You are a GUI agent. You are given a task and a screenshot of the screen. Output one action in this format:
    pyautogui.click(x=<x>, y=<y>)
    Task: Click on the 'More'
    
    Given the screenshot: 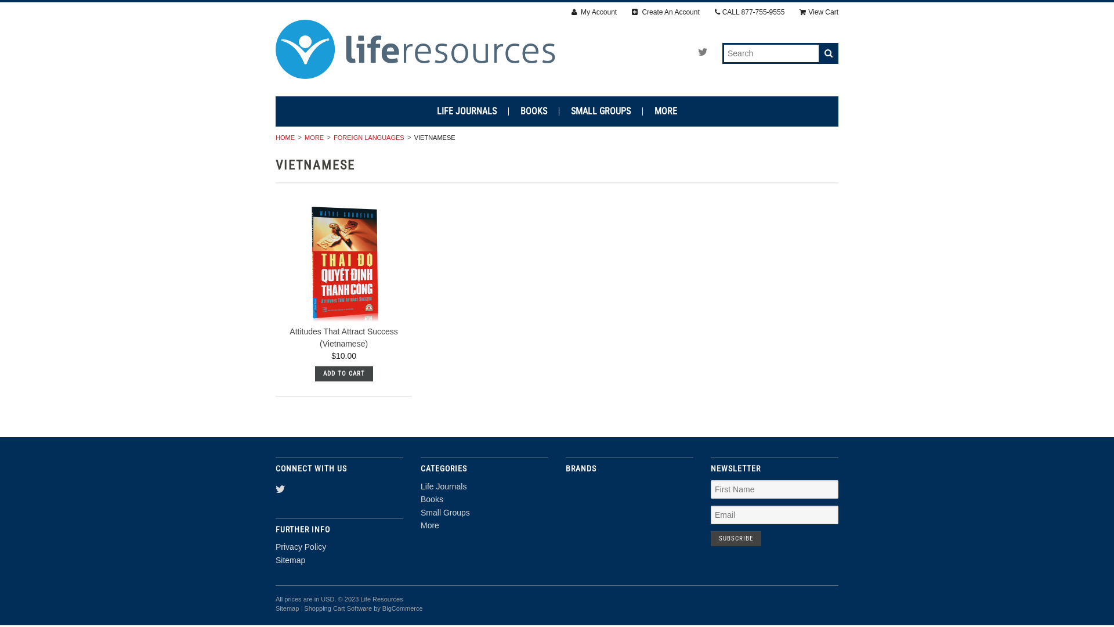 What is the action you would take?
    pyautogui.click(x=419, y=525)
    